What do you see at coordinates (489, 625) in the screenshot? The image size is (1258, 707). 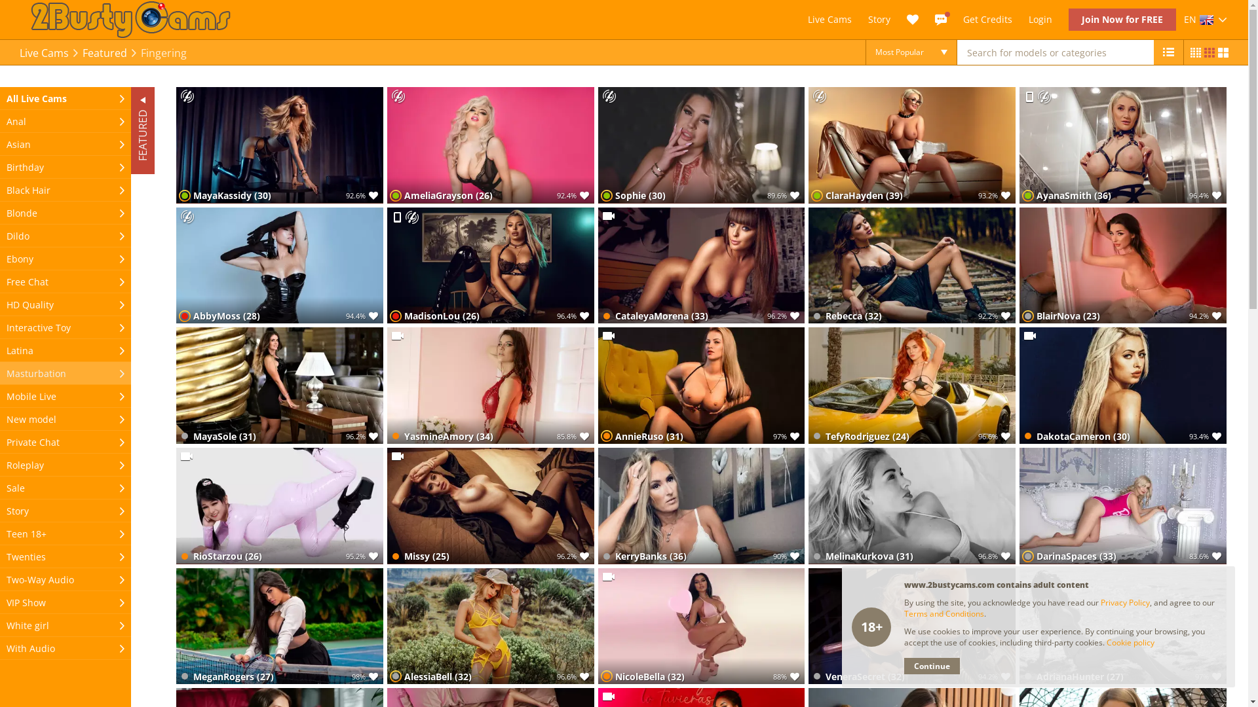 I see `'AlessiaBell (32)` at bounding box center [489, 625].